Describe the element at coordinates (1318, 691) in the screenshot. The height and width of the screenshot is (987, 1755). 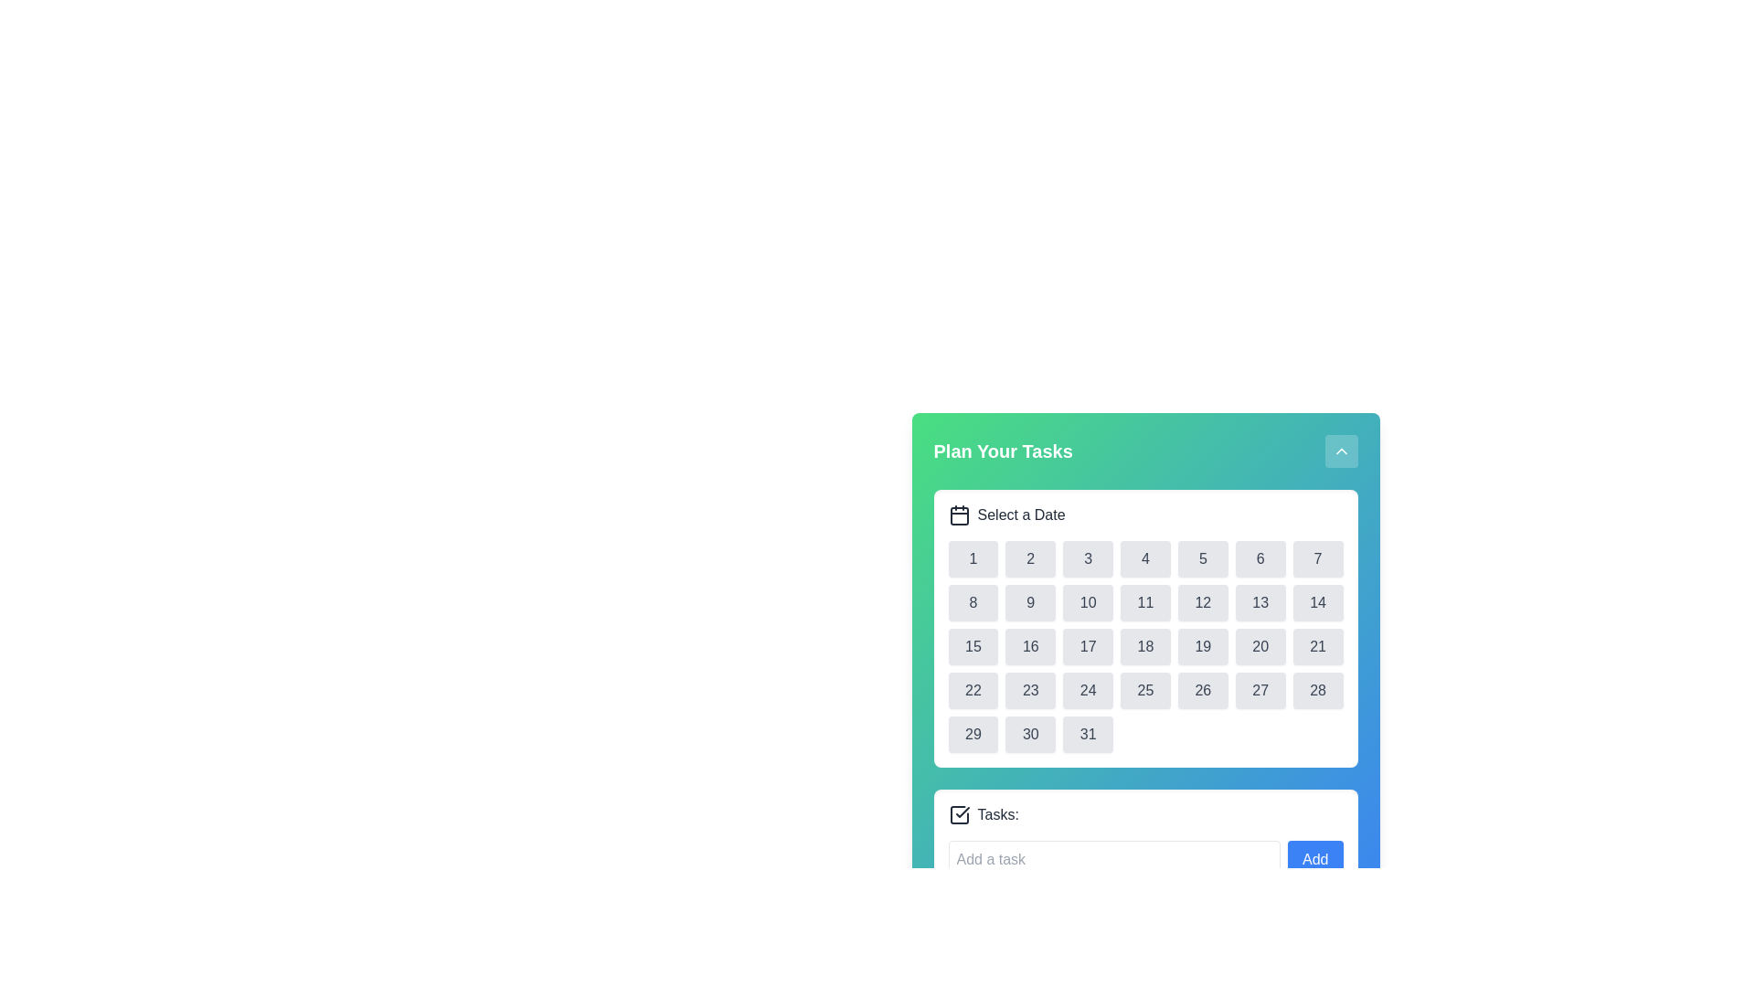
I see `the rounded rectangular button displaying the number '28' with a light gray background and dark gray text` at that location.